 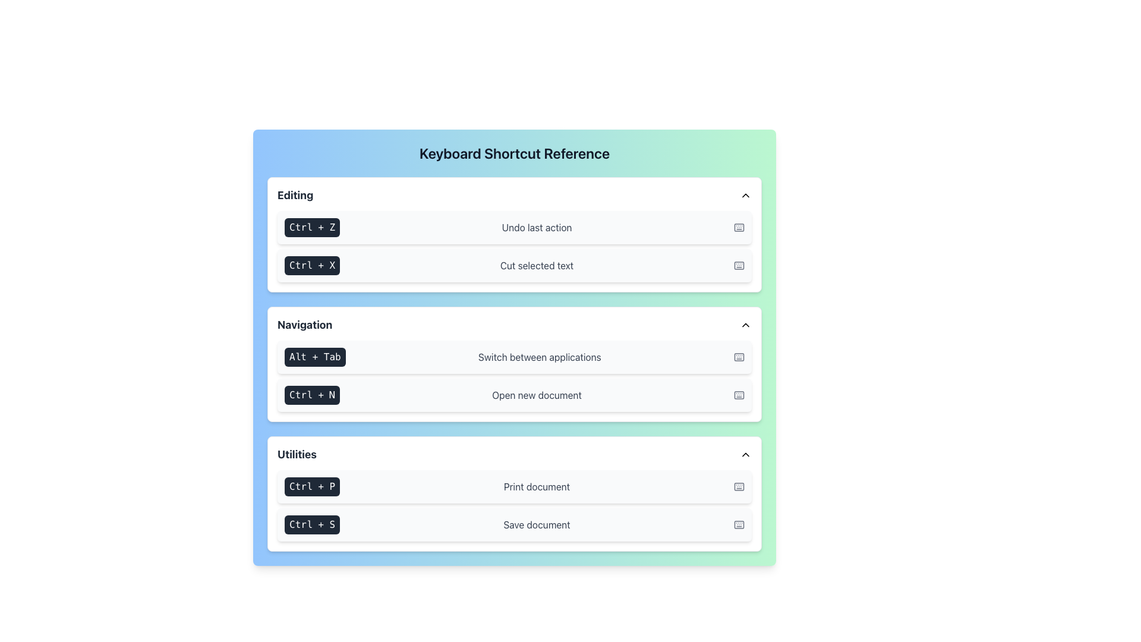 What do you see at coordinates (738, 357) in the screenshot?
I see `the small rectangular icon with rounded edges that is part of the gray-colored keyboard icon in the 'Navigation' row, associated with the 'Switch between applications' shortcut` at bounding box center [738, 357].